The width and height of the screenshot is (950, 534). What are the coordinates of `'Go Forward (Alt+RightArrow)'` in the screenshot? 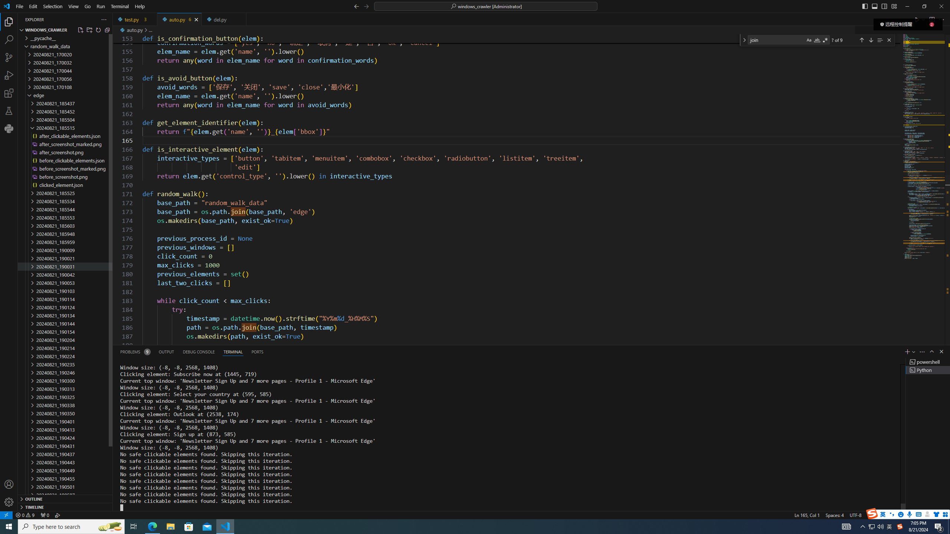 It's located at (366, 6).